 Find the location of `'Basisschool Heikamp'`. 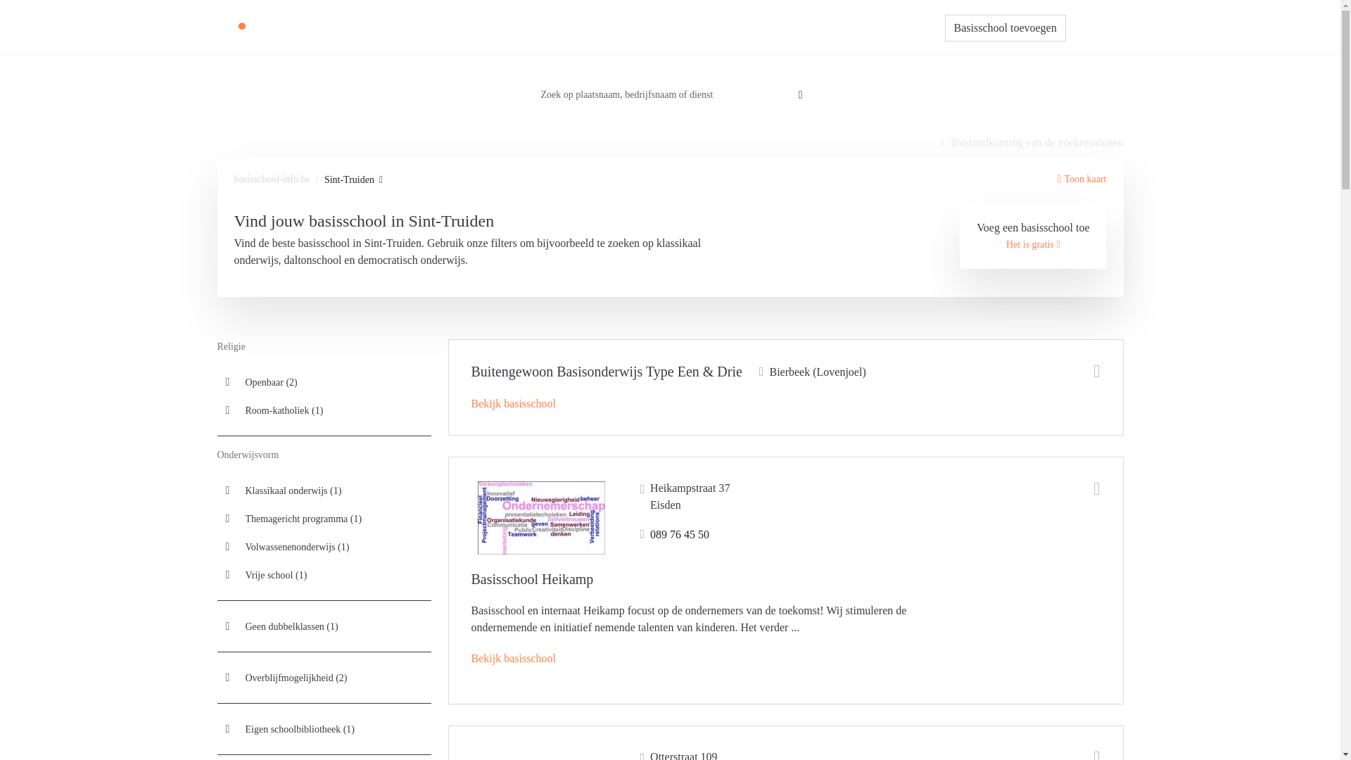

'Basisschool Heikamp' is located at coordinates (532, 578).